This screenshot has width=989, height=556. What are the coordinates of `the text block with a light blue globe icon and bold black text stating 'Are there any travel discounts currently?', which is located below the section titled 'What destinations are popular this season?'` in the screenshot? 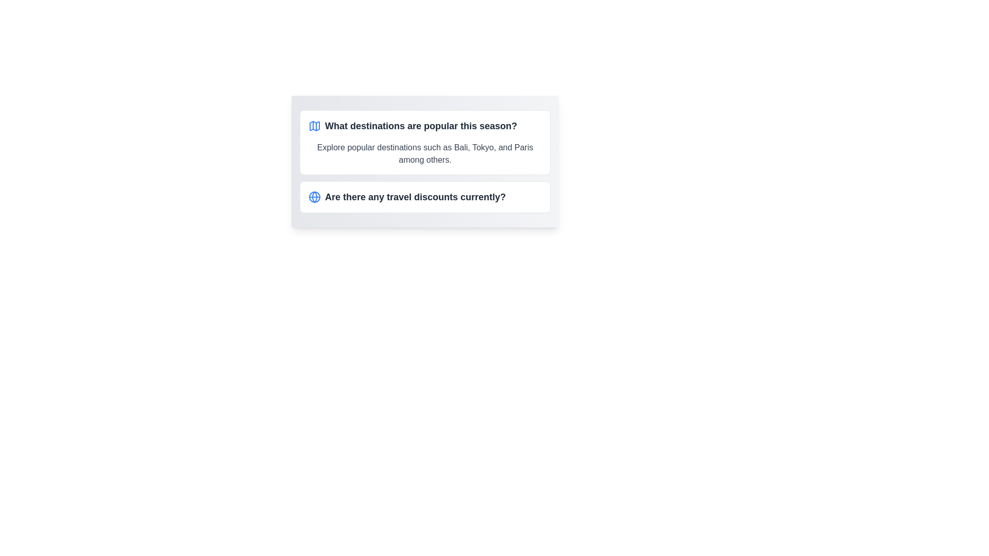 It's located at (425, 197).